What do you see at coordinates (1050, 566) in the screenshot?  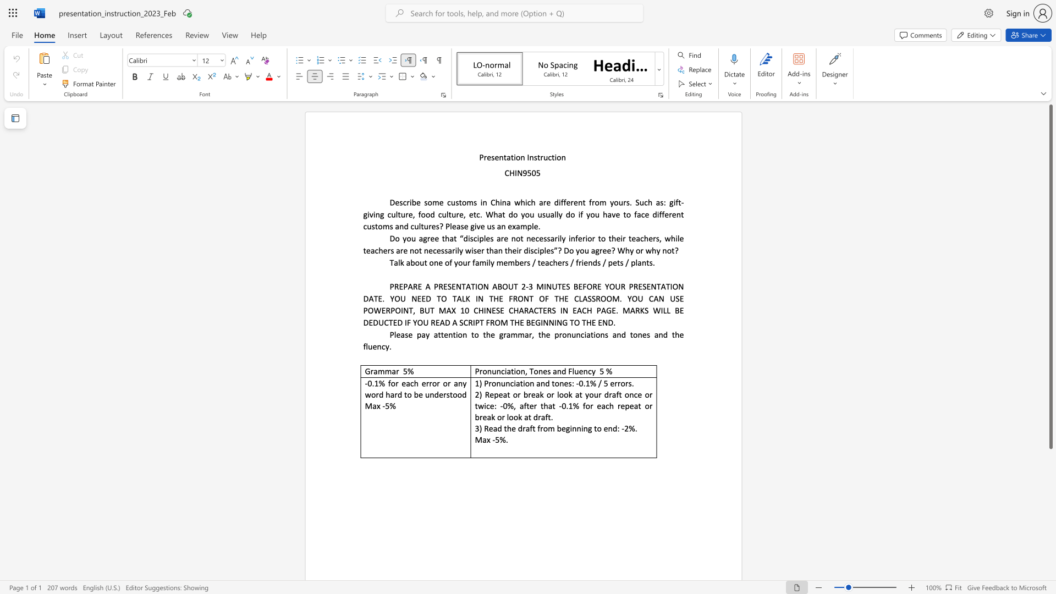 I see `the scrollbar on the right` at bounding box center [1050, 566].